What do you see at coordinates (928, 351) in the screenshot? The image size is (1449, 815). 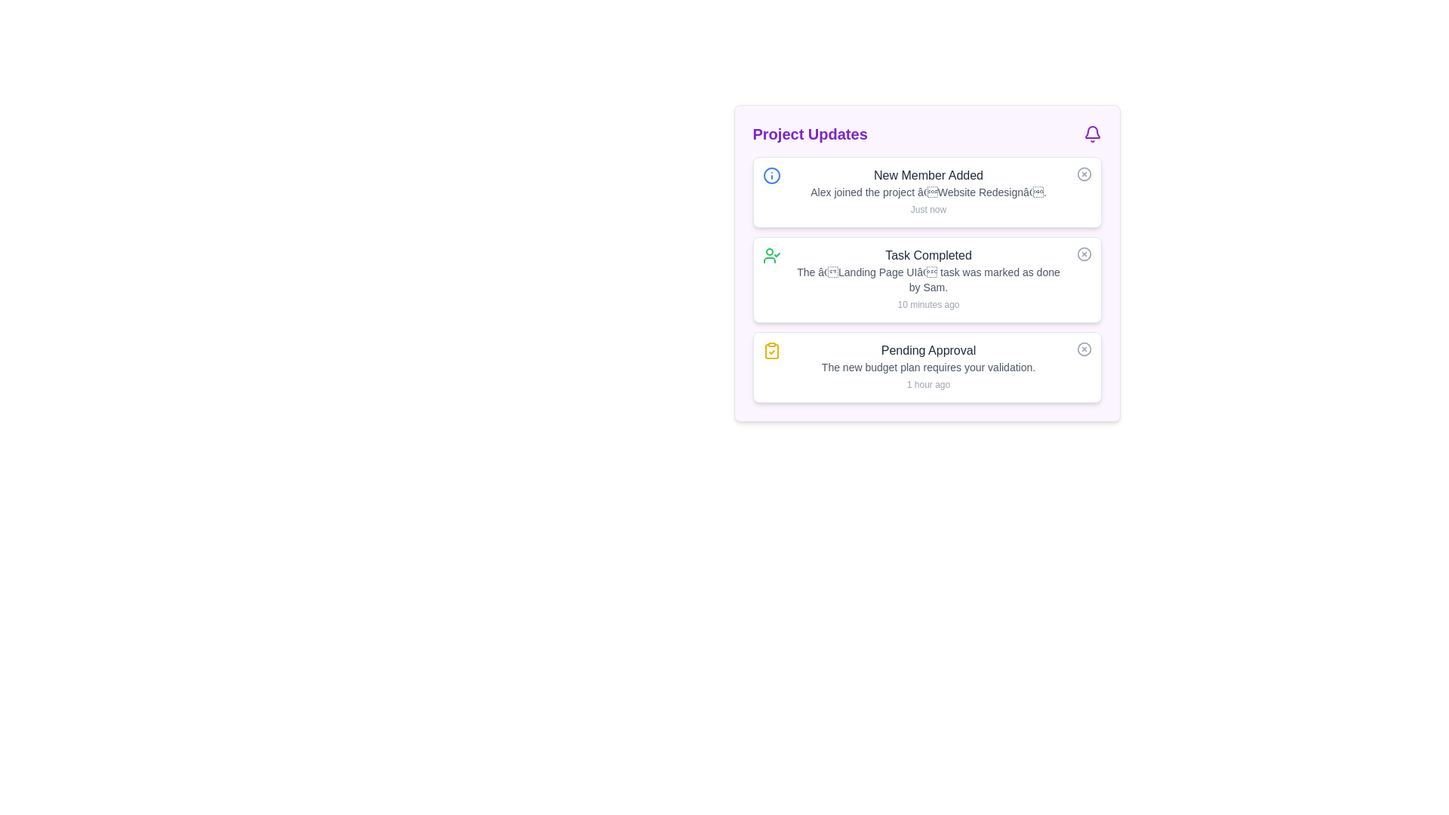 I see `the title text label of the third notification card to assist in identifying related notifications` at bounding box center [928, 351].